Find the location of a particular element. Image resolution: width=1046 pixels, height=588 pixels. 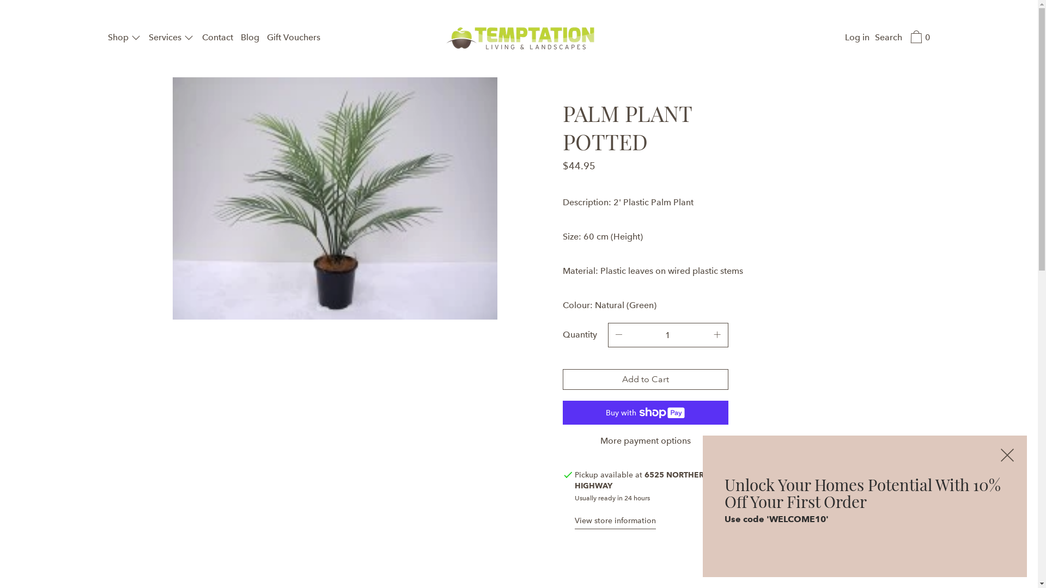

'0' is located at coordinates (918, 38).